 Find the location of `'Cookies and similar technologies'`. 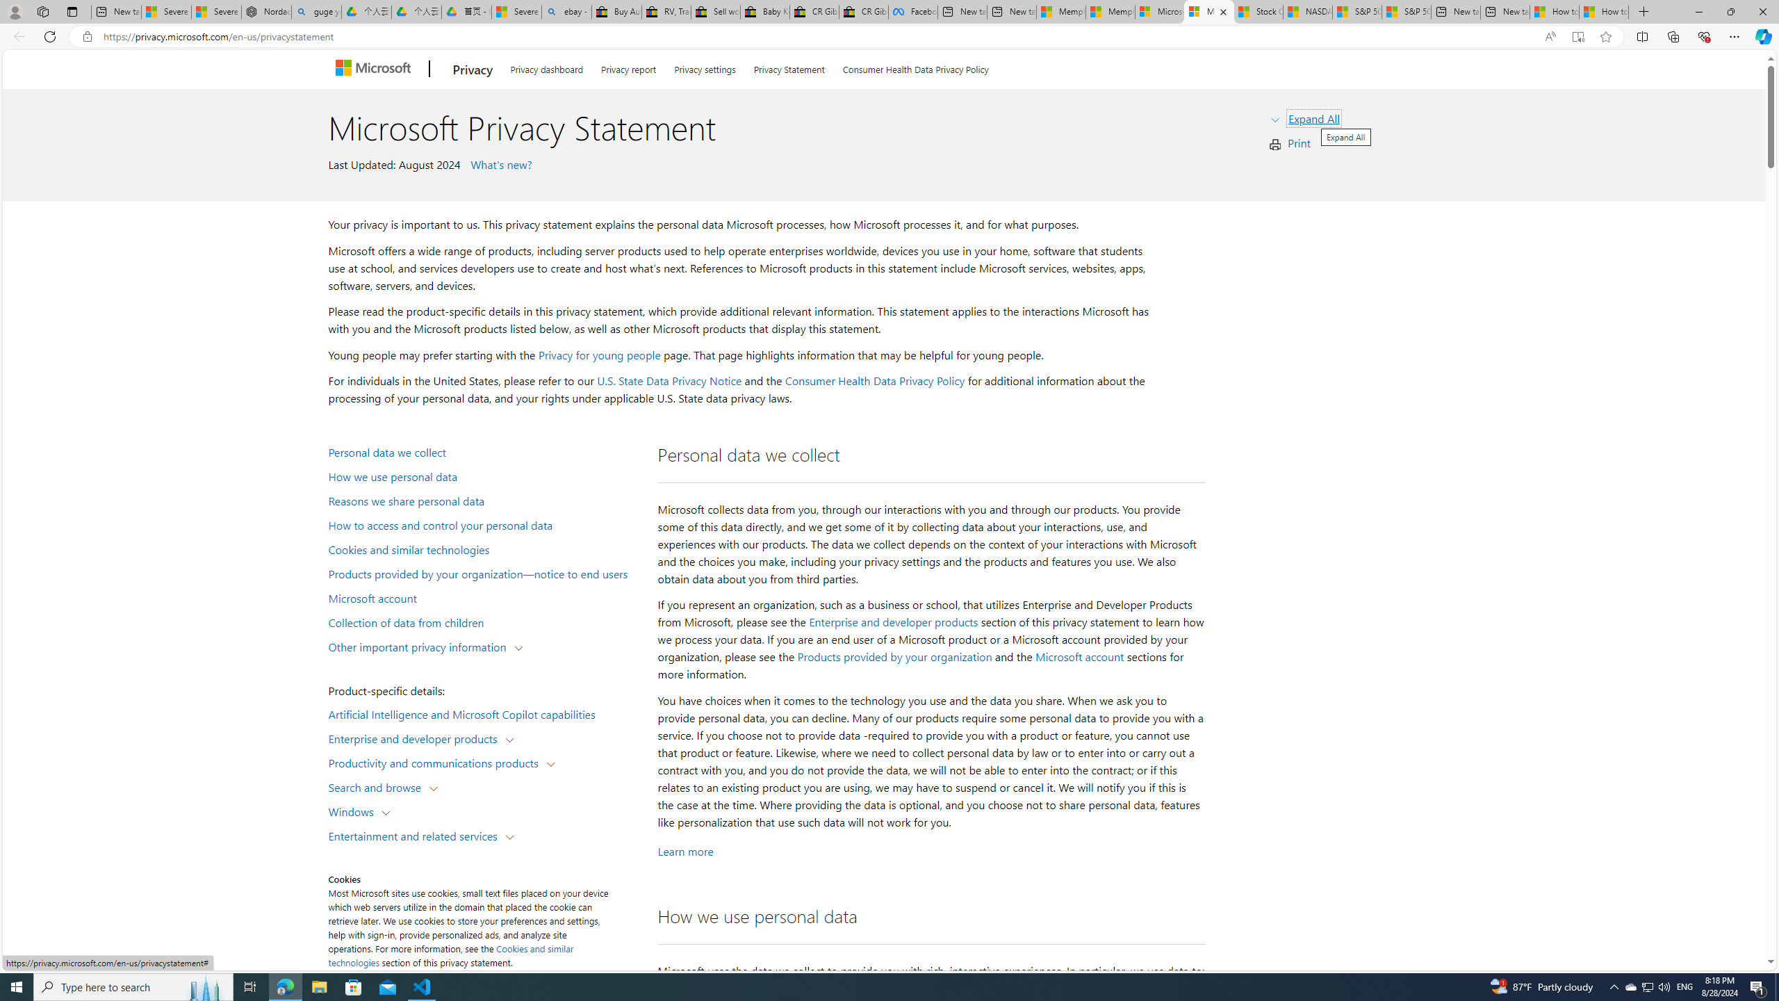

'Cookies and similar technologies' is located at coordinates (450, 954).